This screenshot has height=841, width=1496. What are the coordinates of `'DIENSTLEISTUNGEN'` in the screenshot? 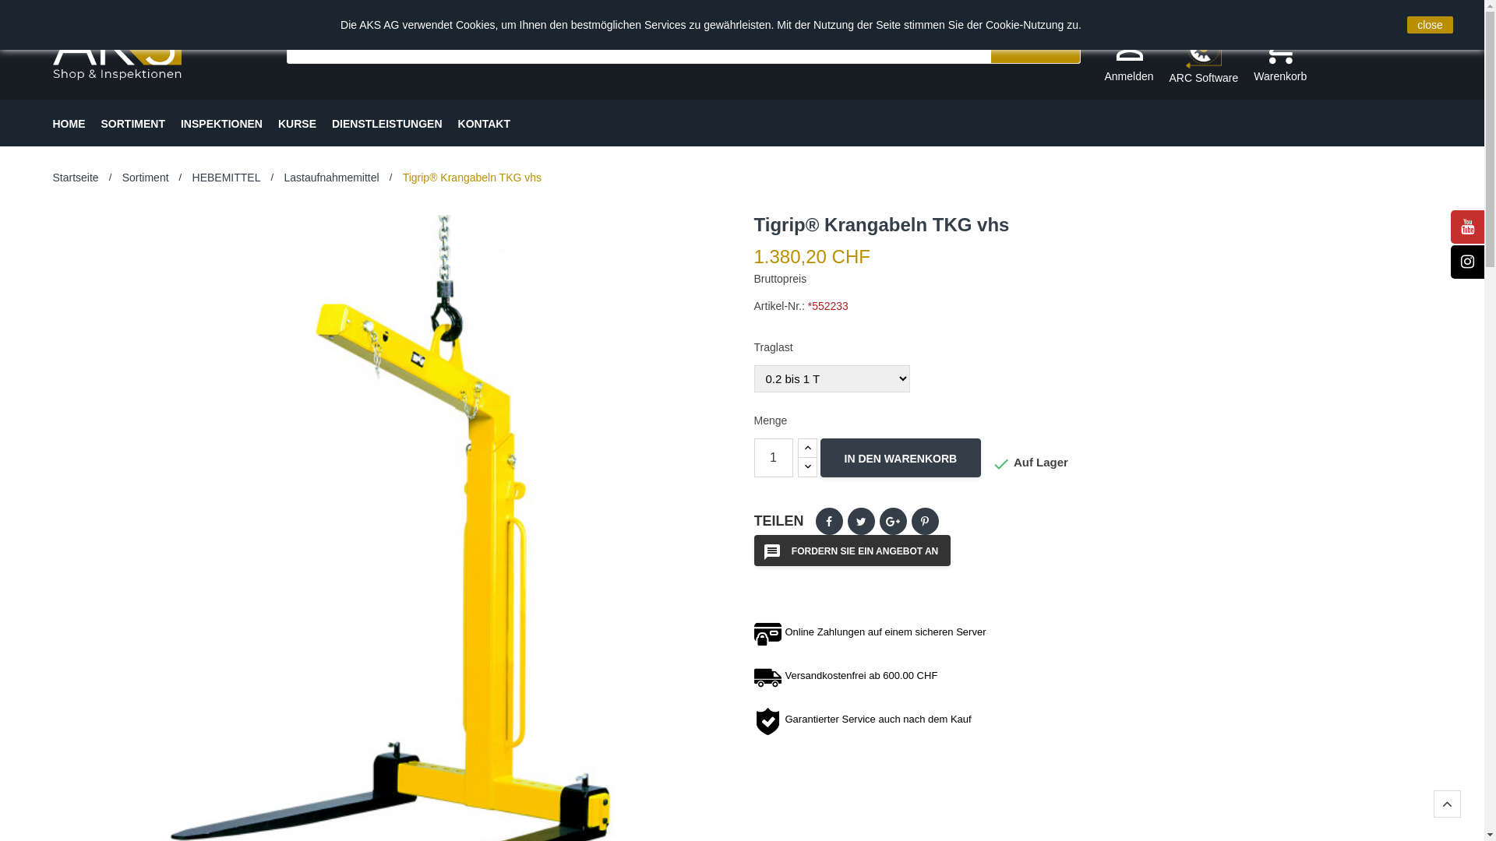 It's located at (331, 122).